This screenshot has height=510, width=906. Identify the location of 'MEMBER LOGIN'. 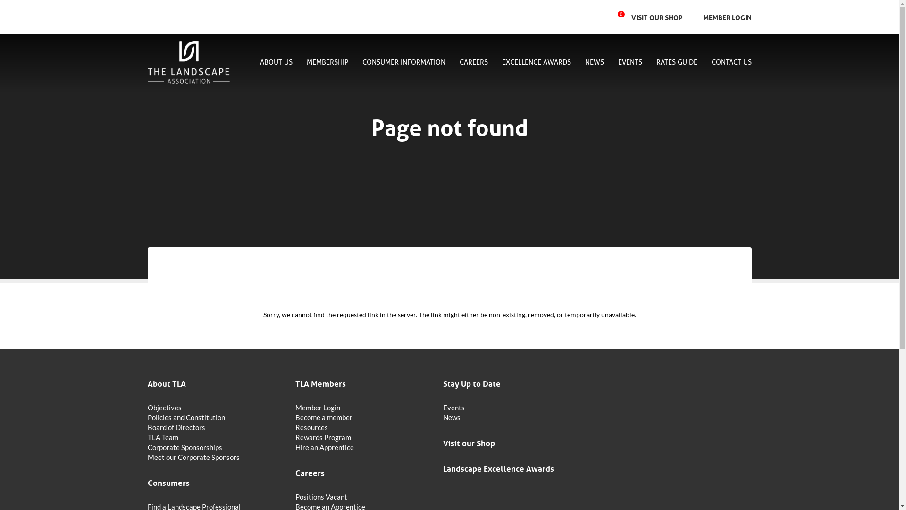
(696, 17).